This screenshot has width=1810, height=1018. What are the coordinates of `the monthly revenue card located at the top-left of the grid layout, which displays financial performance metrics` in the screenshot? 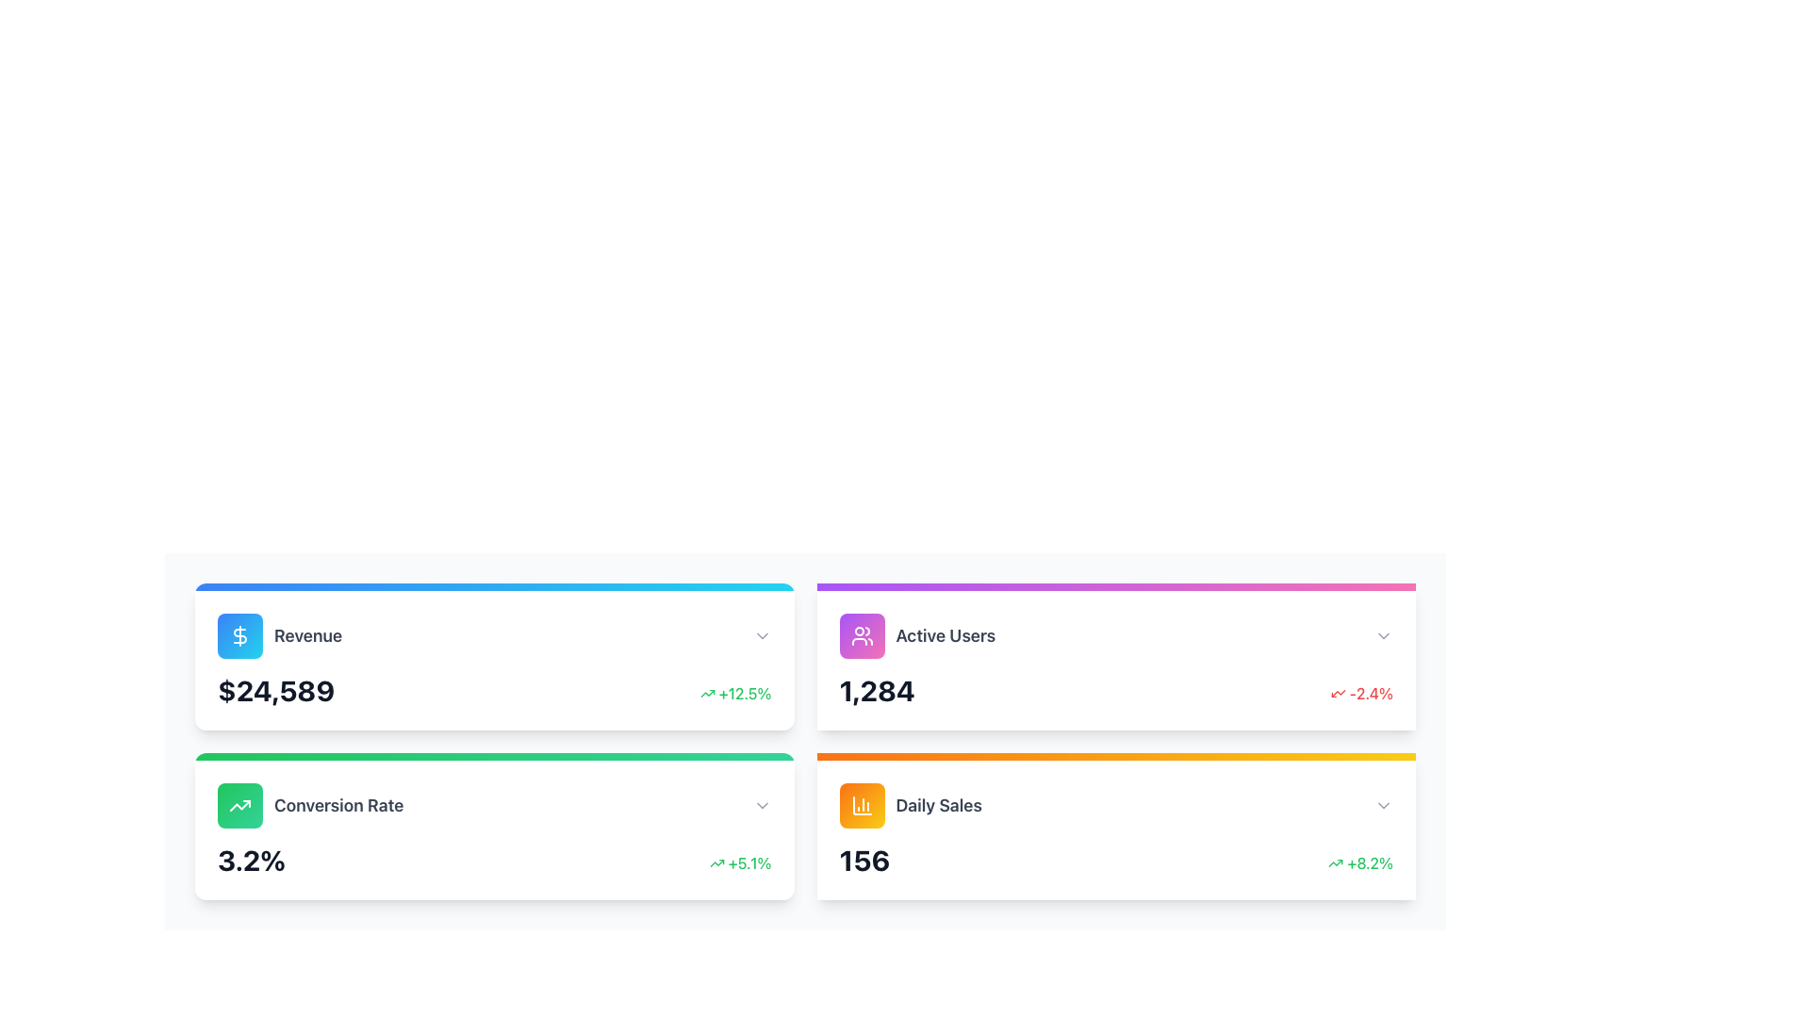 It's located at (494, 656).